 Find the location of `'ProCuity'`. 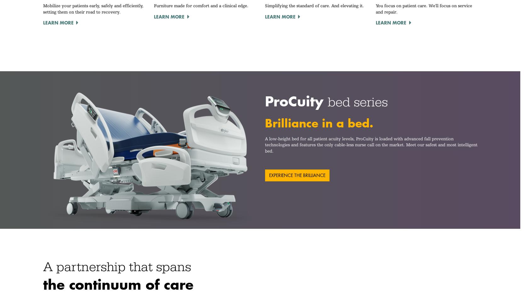

'ProCuity' is located at coordinates (296, 101).